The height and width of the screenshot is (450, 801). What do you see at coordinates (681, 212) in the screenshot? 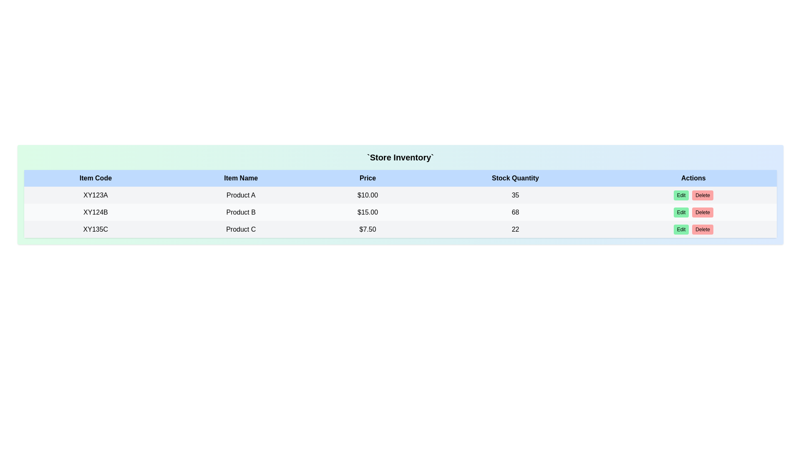
I see `the green 'Edit' button with bold black font located in the 'Actions' column of the second row associated with 'Product B' to observe its hover styling` at bounding box center [681, 212].